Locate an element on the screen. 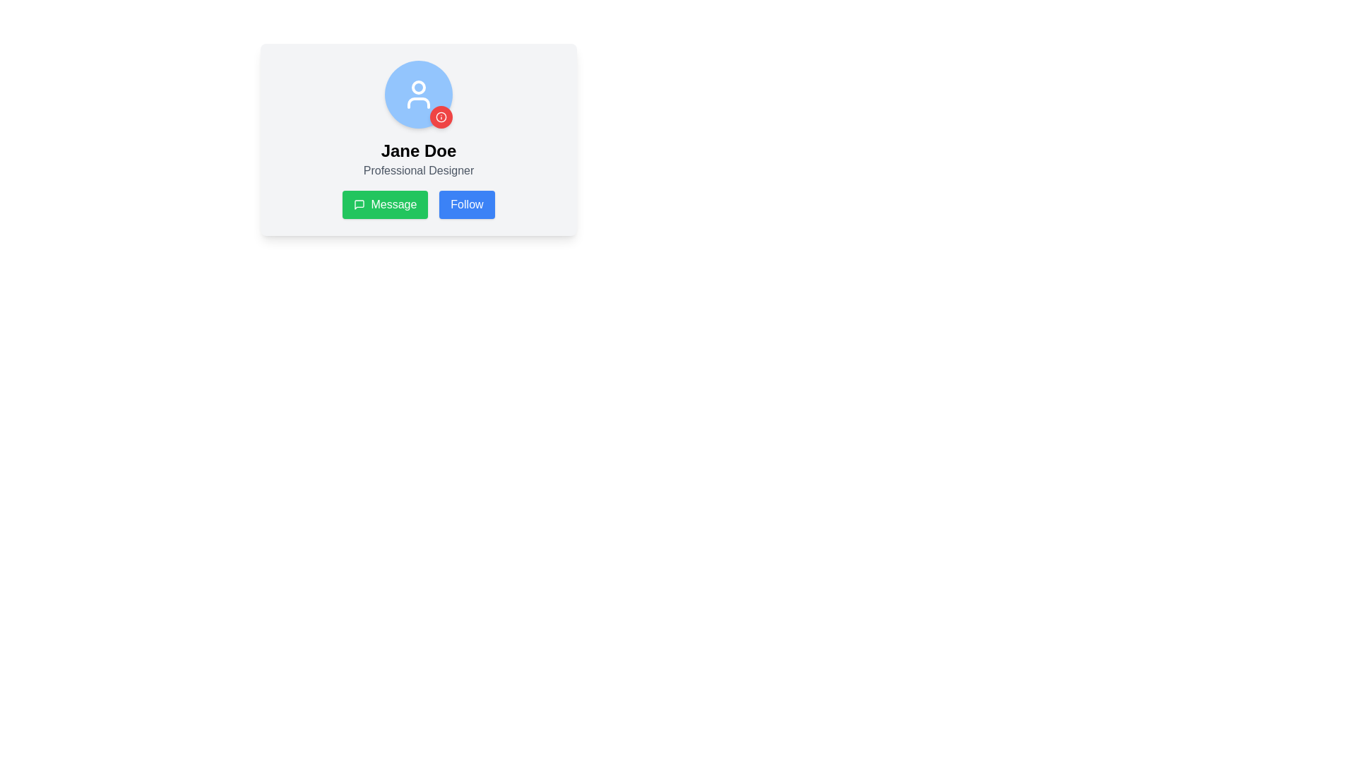  the bright blue 'Follow' button with white text to follow the profile is located at coordinates (467, 204).